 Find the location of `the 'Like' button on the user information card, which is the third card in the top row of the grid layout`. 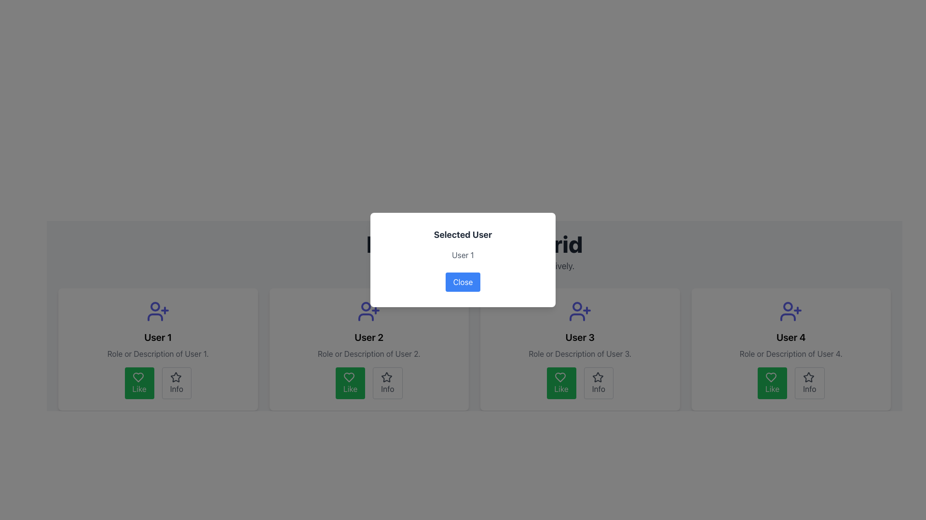

the 'Like' button on the user information card, which is the third card in the top row of the grid layout is located at coordinates (579, 349).